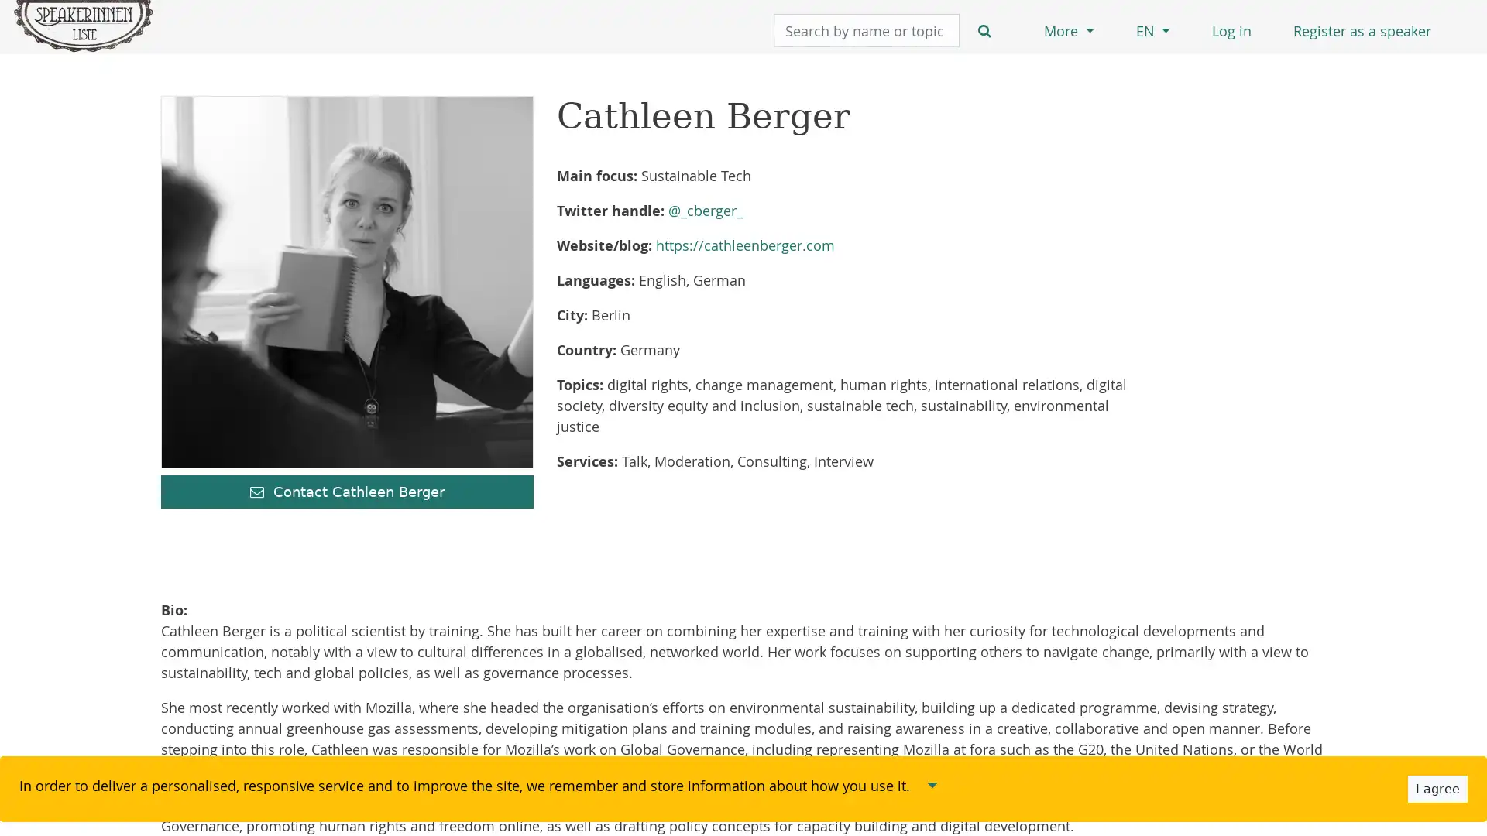 The image size is (1487, 836). What do you see at coordinates (346, 492) in the screenshot?
I see `Contact Cathleen Berger` at bounding box center [346, 492].